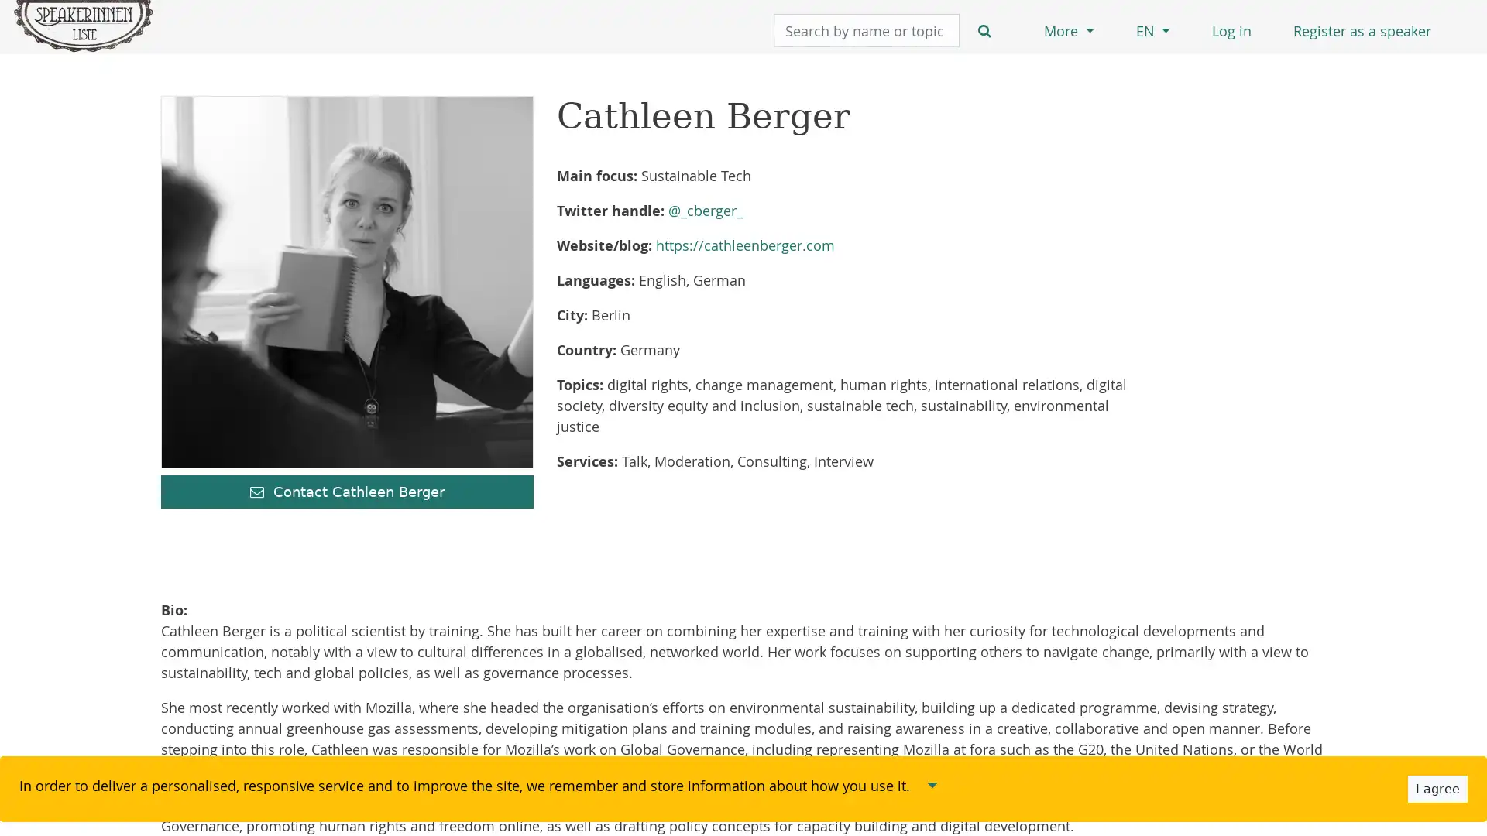 The image size is (1487, 836). What do you see at coordinates (346, 492) in the screenshot?
I see `Contact Cathleen Berger` at bounding box center [346, 492].